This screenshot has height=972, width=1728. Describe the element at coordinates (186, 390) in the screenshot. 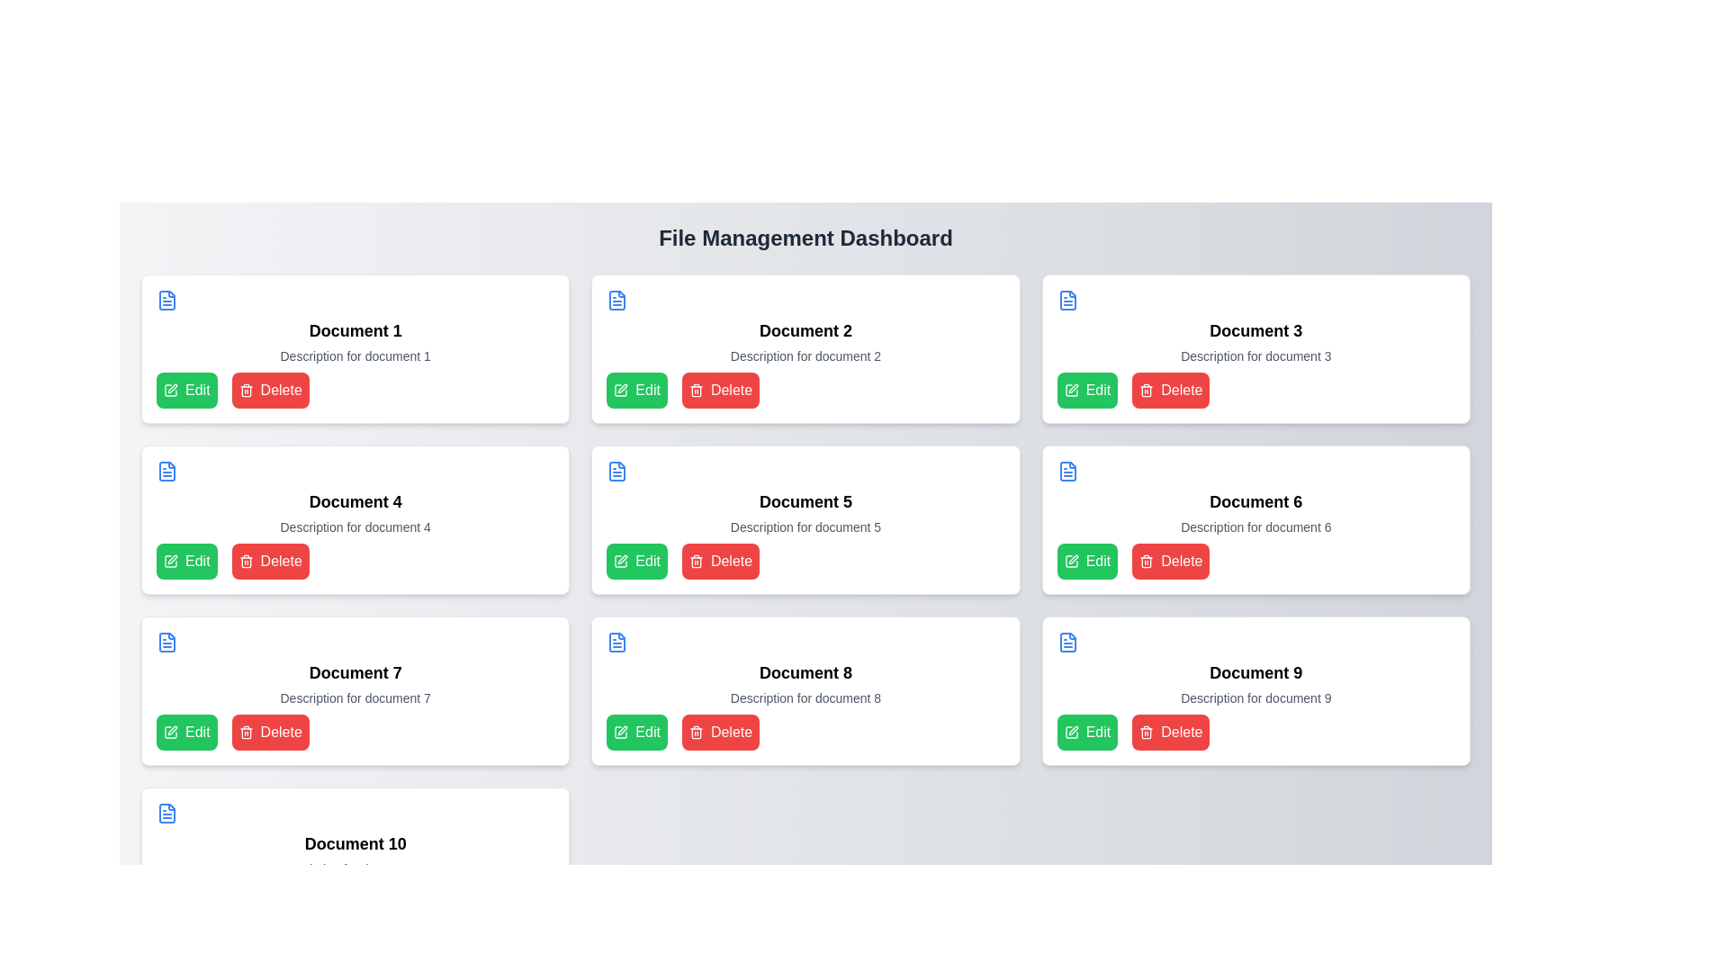

I see `the 'Edit' button located in the top-left corner of the 'Document 1' card to initiate editing` at that location.